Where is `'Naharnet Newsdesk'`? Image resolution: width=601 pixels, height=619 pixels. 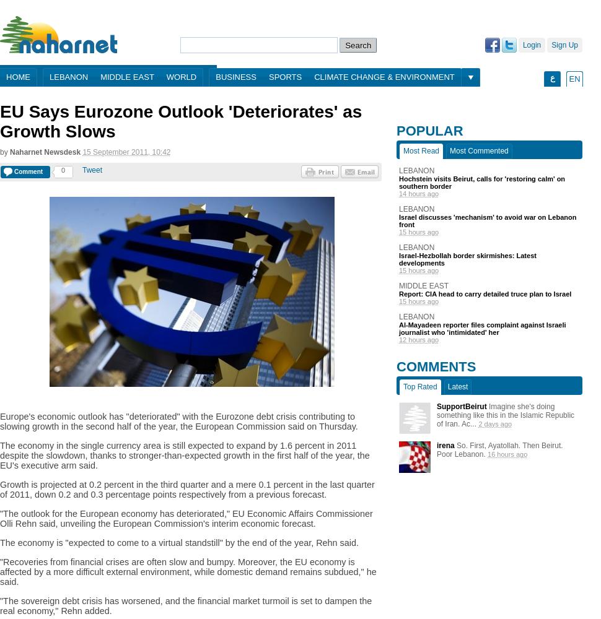
'Naharnet Newsdesk' is located at coordinates (10, 152).